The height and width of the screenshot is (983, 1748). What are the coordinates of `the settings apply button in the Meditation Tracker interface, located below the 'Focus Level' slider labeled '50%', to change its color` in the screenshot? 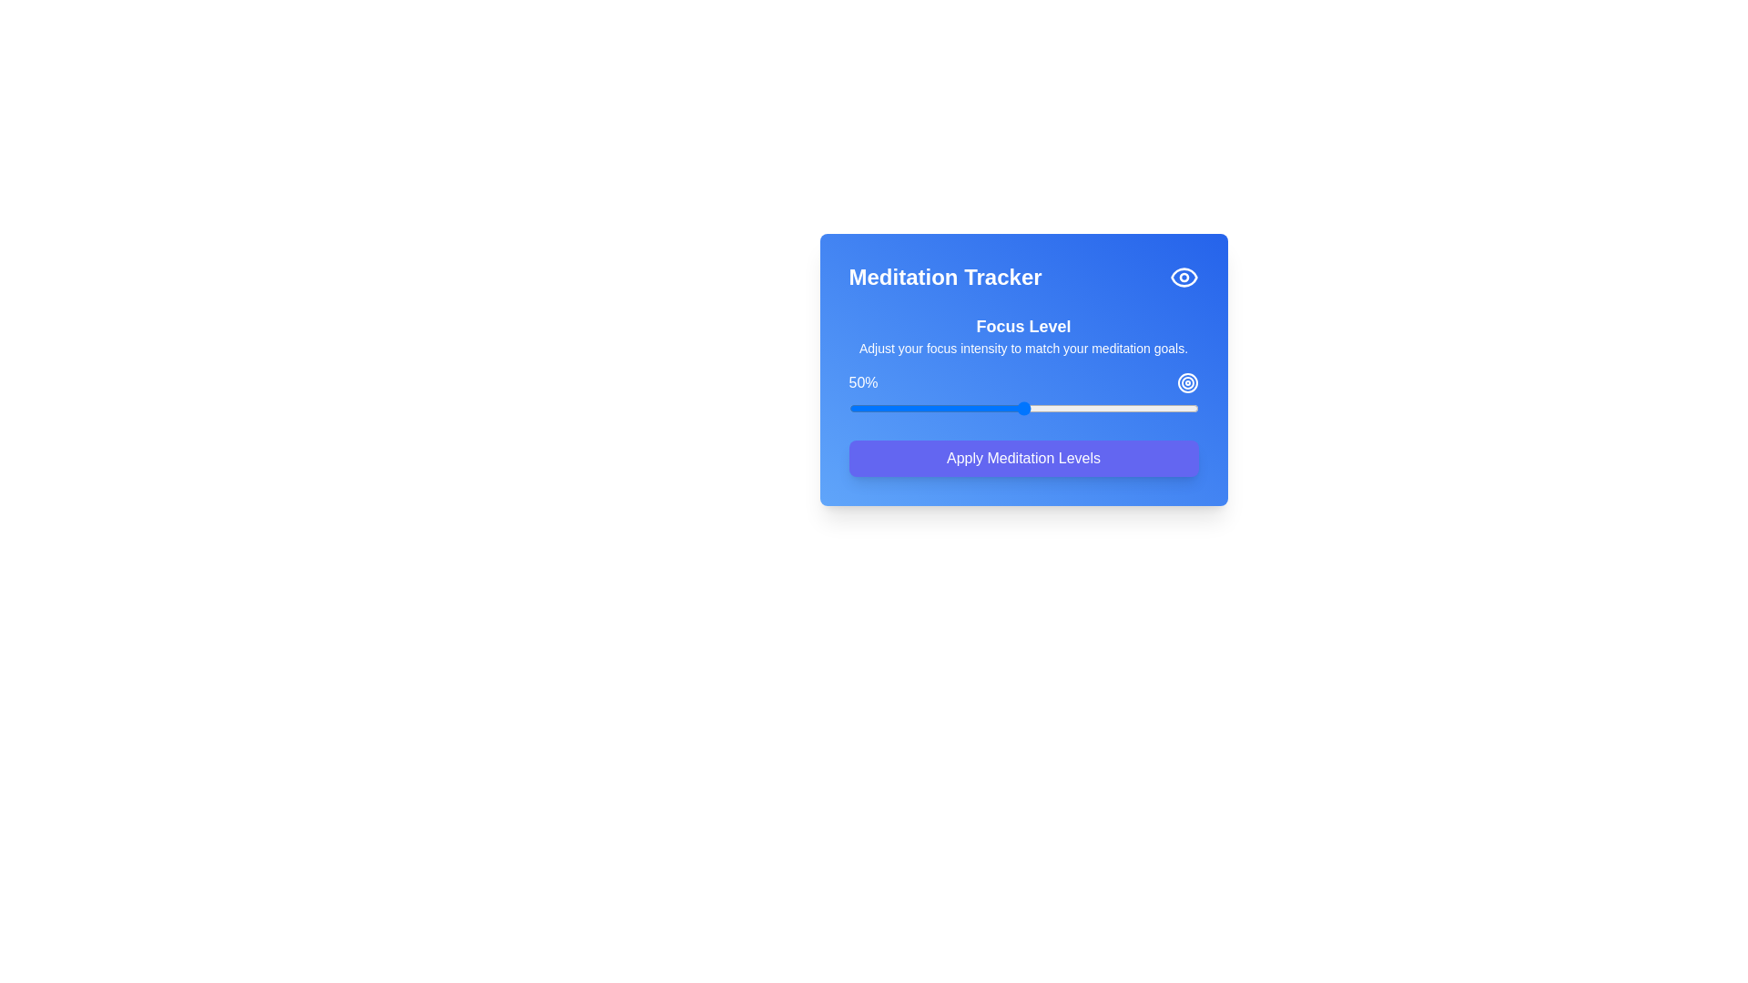 It's located at (1023, 458).